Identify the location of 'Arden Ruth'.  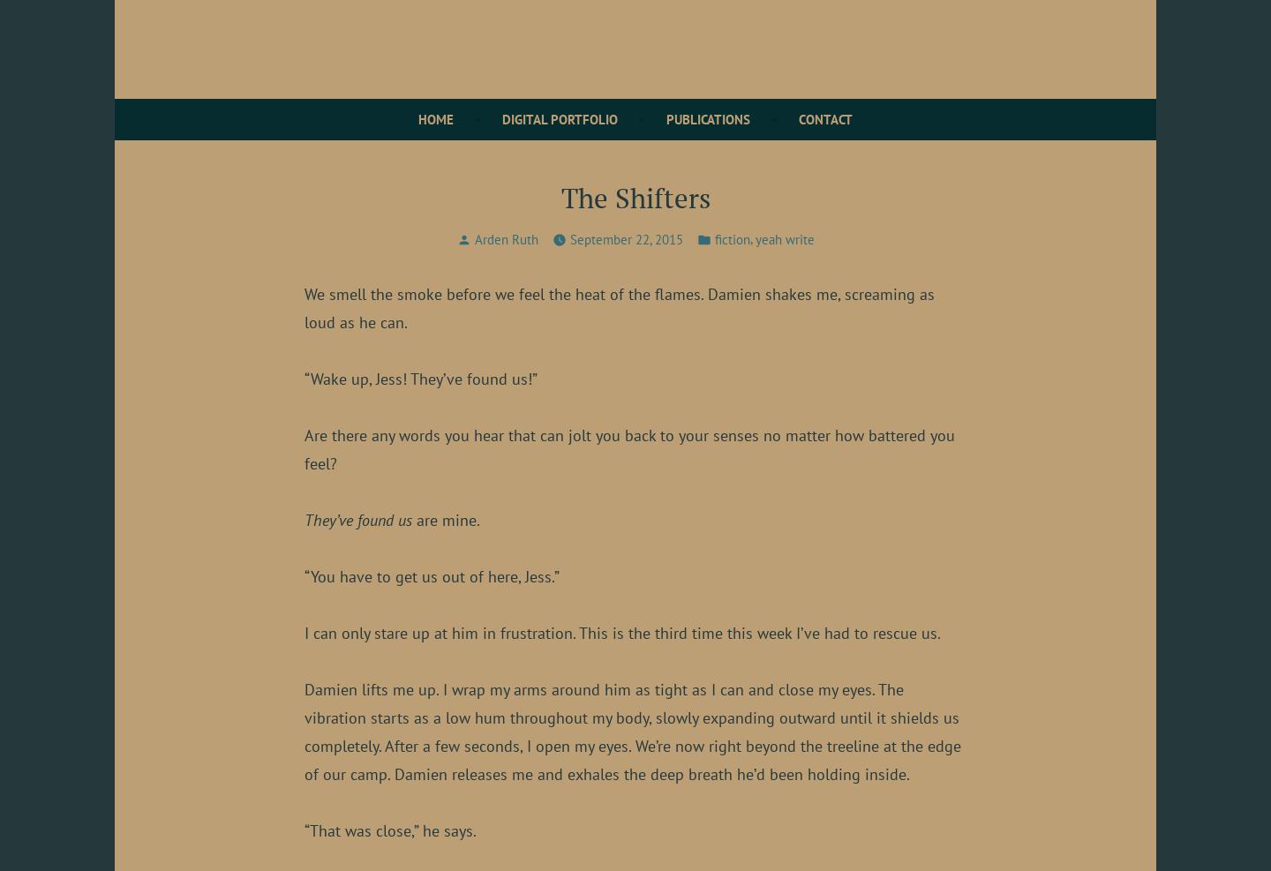
(505, 238).